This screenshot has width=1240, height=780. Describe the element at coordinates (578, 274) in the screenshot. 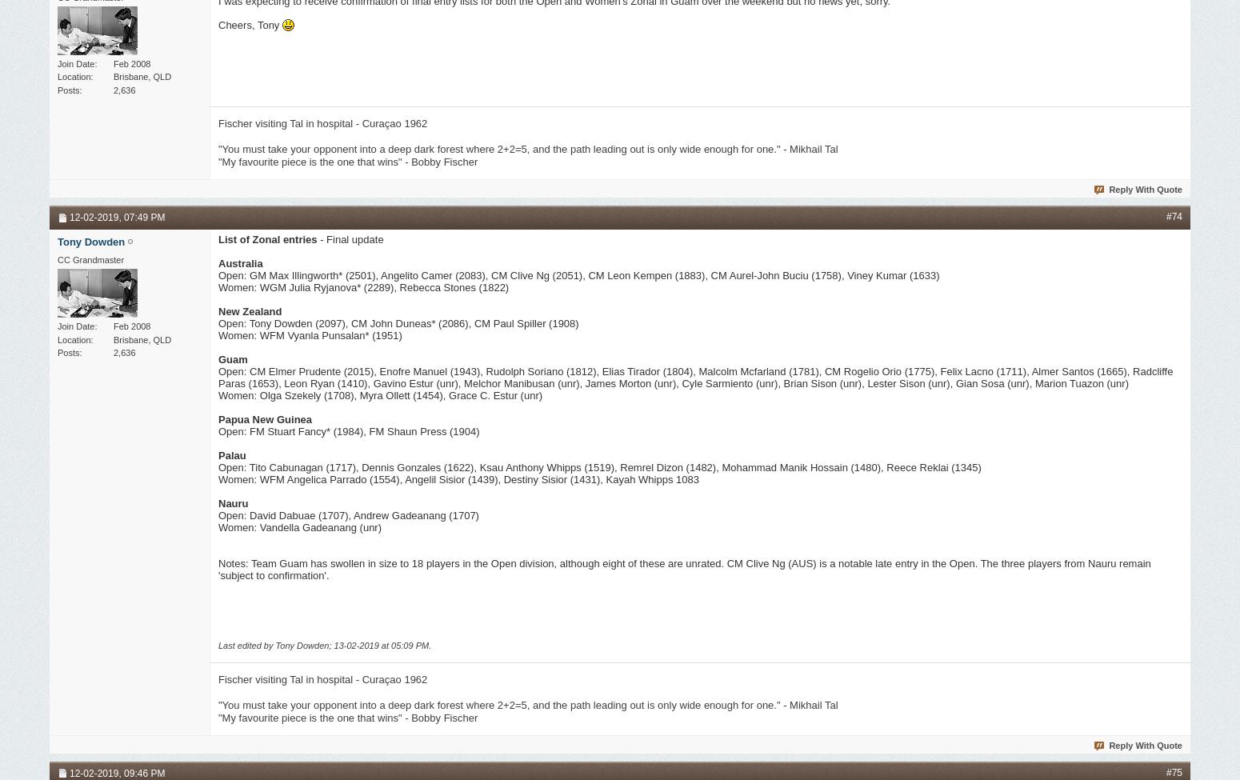

I see `'Open: GM Max Illingworth* (2501), Angelito Camer (2083), CM Clive Ng (2051), CM Leon Kempen (1883), CM Aurel-John Buciu (1758), Viney Kumar (1633)'` at that location.